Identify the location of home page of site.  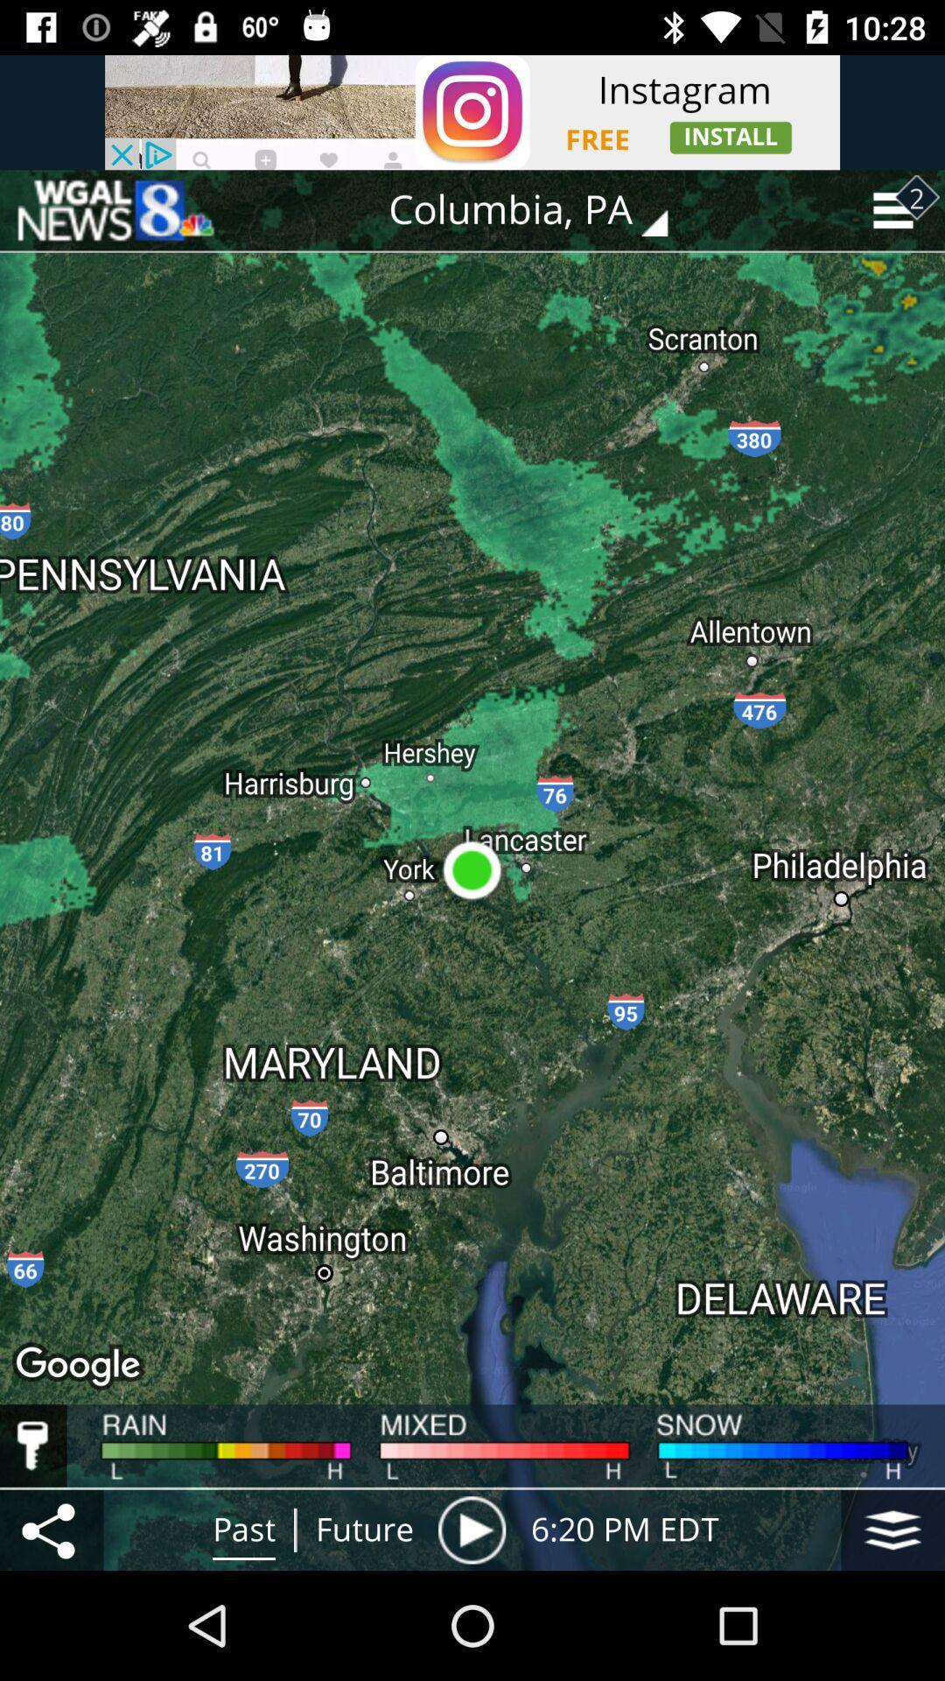
(115, 210).